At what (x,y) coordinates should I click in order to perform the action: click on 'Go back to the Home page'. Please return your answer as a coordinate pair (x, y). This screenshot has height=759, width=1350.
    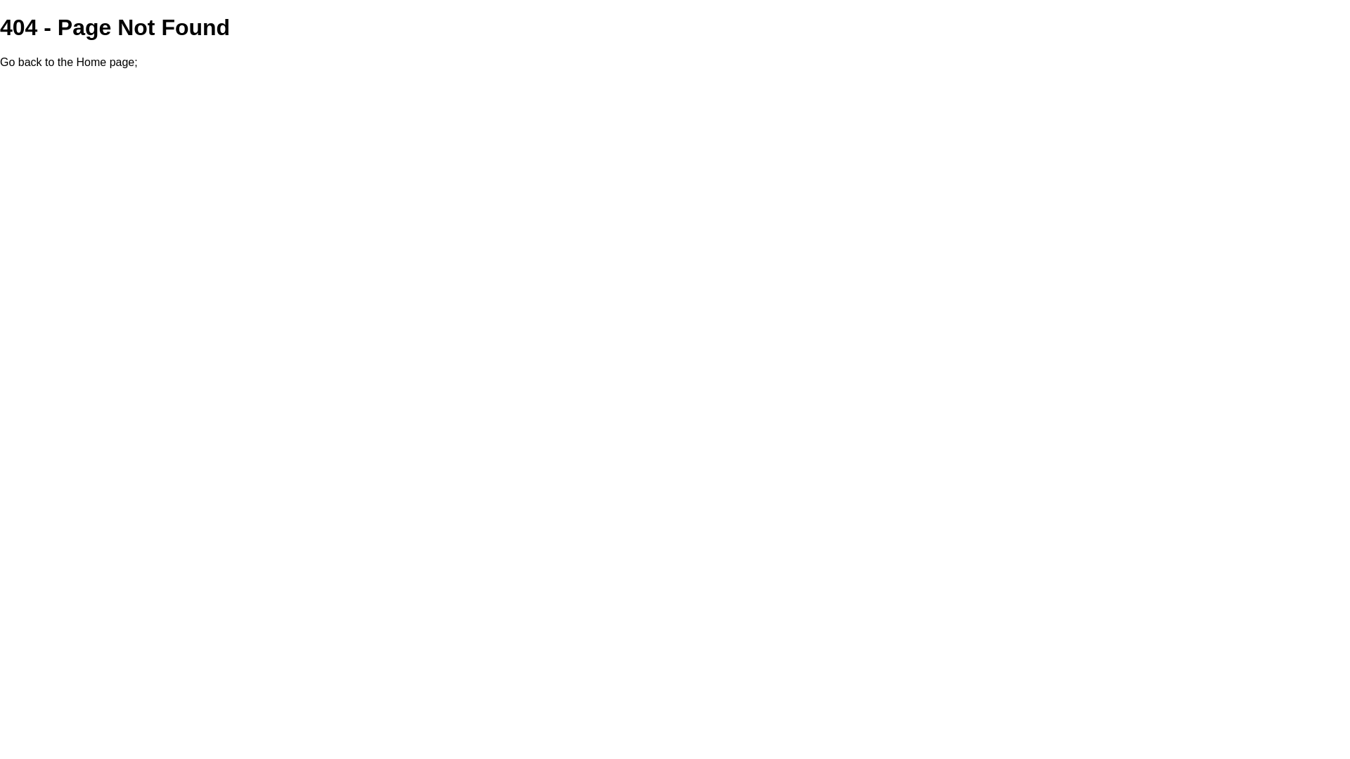
    Looking at the image, I should click on (66, 61).